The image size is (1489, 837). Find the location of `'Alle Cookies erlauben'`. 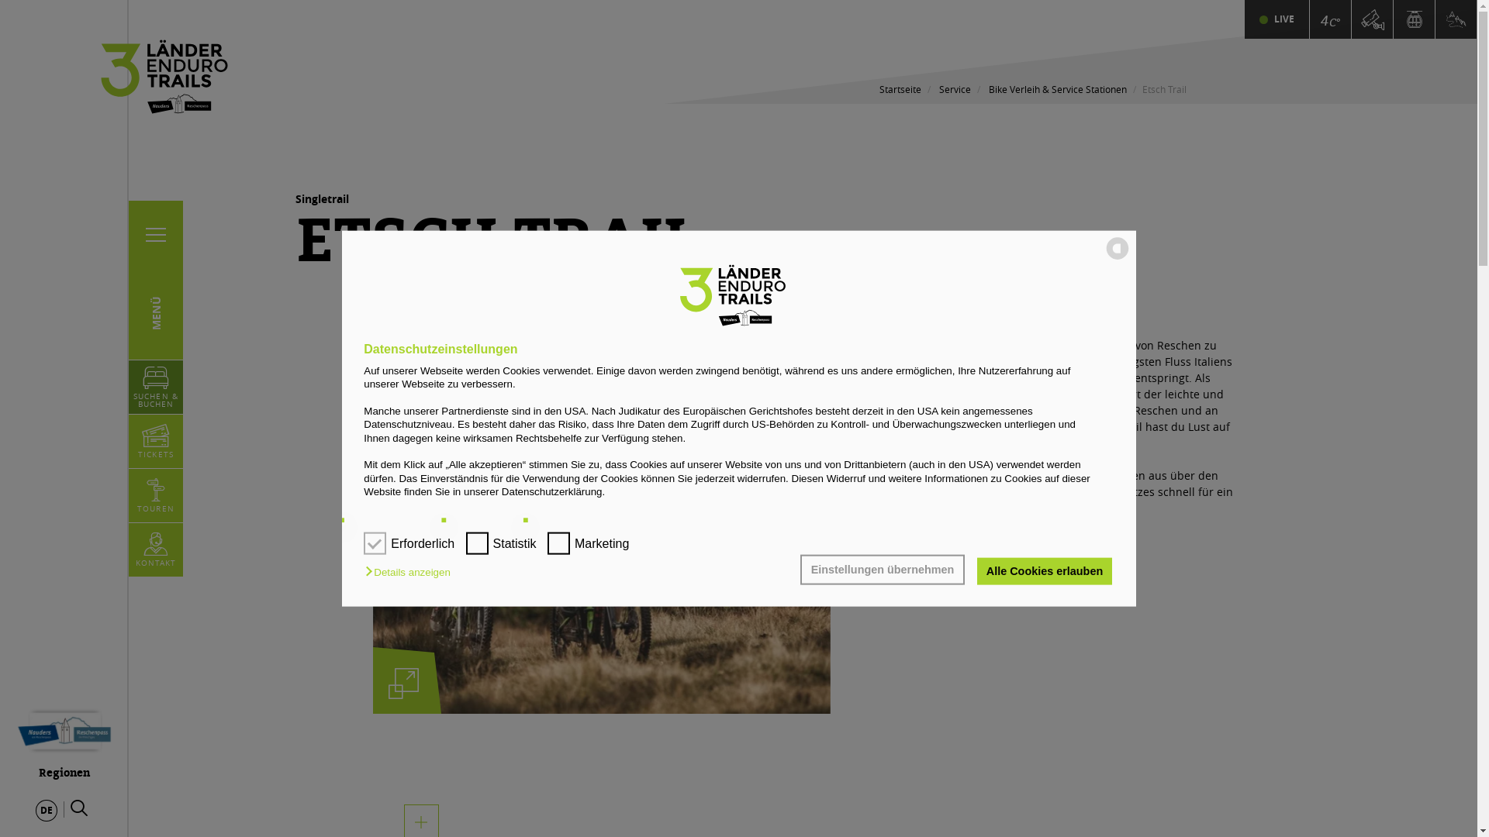

'Alle Cookies erlauben' is located at coordinates (1044, 570).